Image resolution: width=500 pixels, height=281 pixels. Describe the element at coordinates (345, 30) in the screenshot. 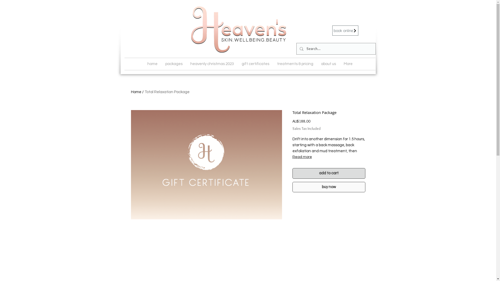

I see `'book online'` at that location.